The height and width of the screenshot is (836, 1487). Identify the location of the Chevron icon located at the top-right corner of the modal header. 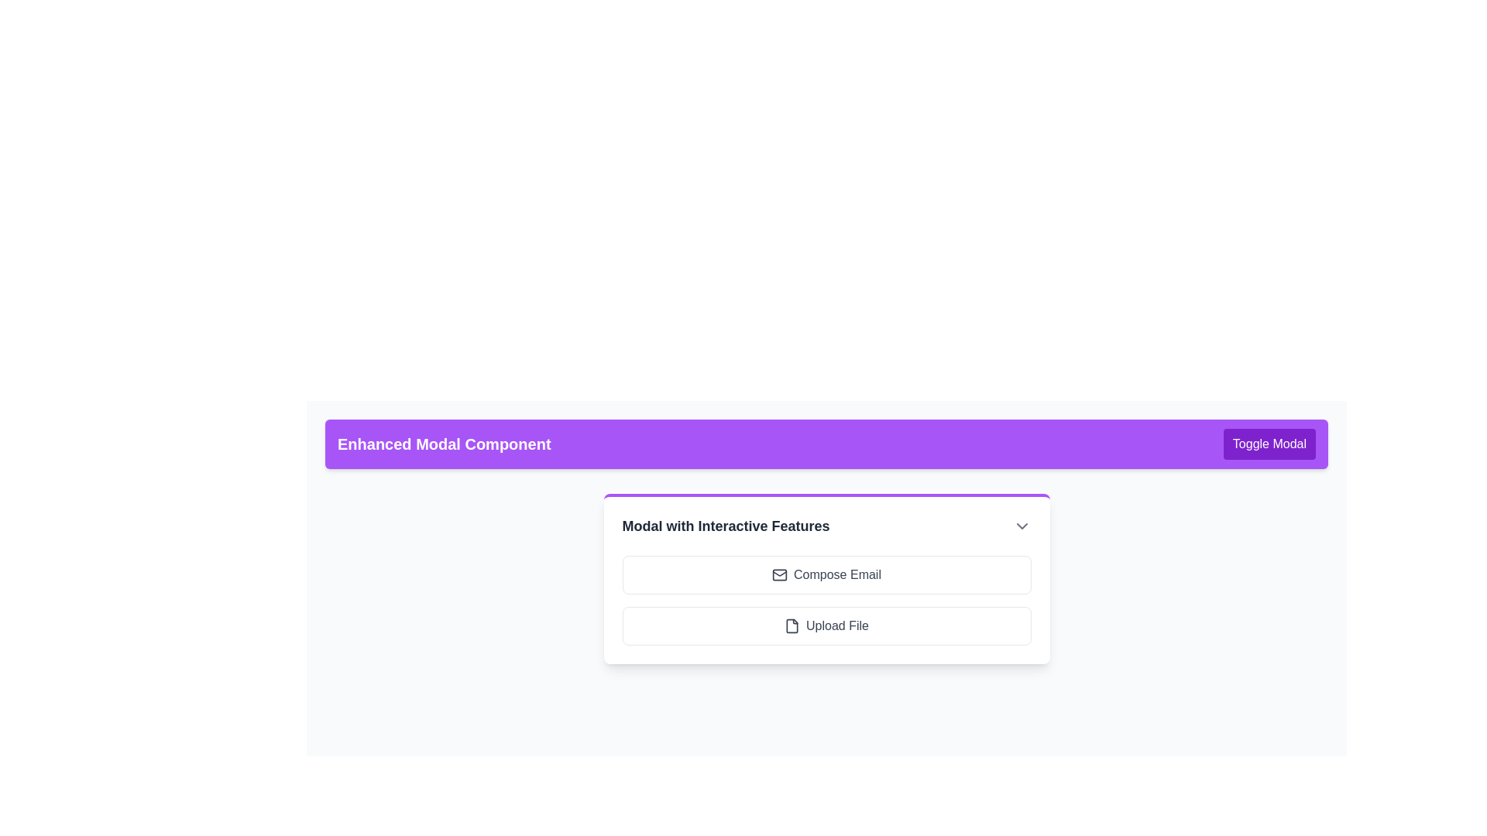
(1022, 525).